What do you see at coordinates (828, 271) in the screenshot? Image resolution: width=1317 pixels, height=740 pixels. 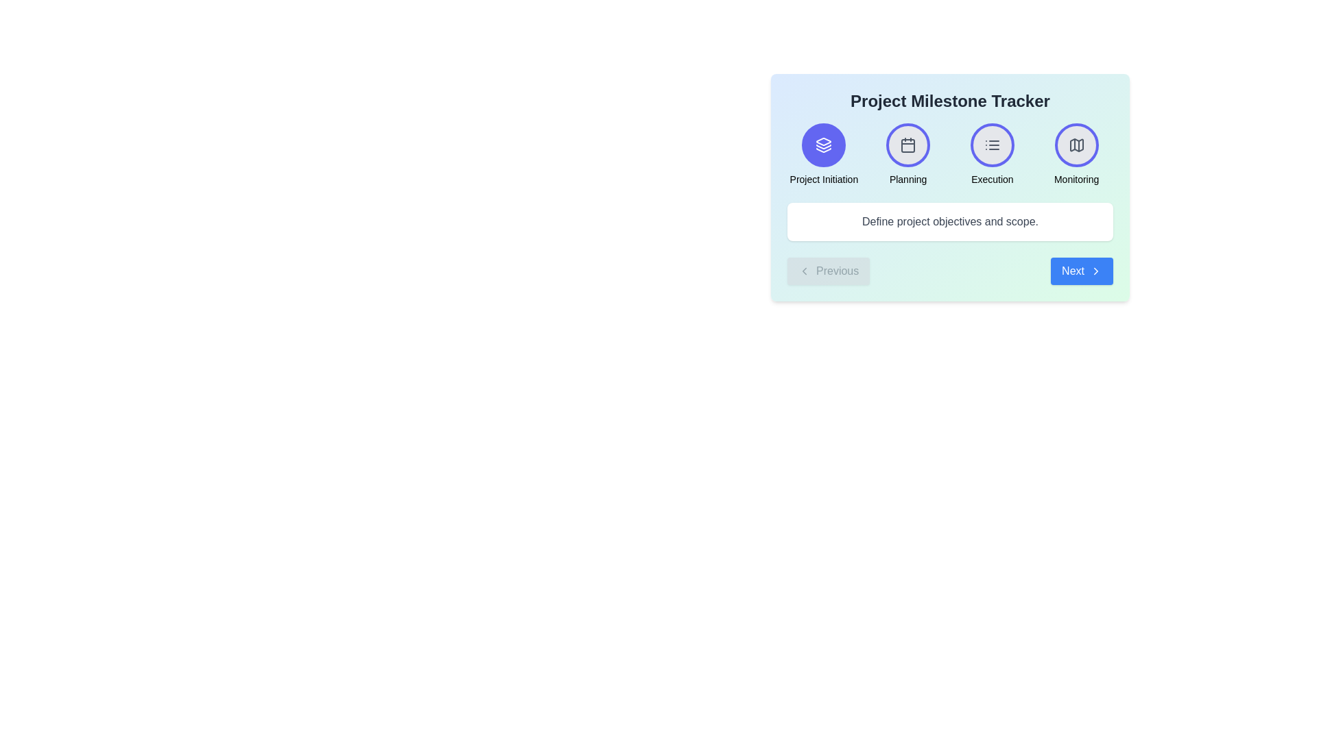 I see `the gray 'Previous' button with a left arrow icon` at bounding box center [828, 271].